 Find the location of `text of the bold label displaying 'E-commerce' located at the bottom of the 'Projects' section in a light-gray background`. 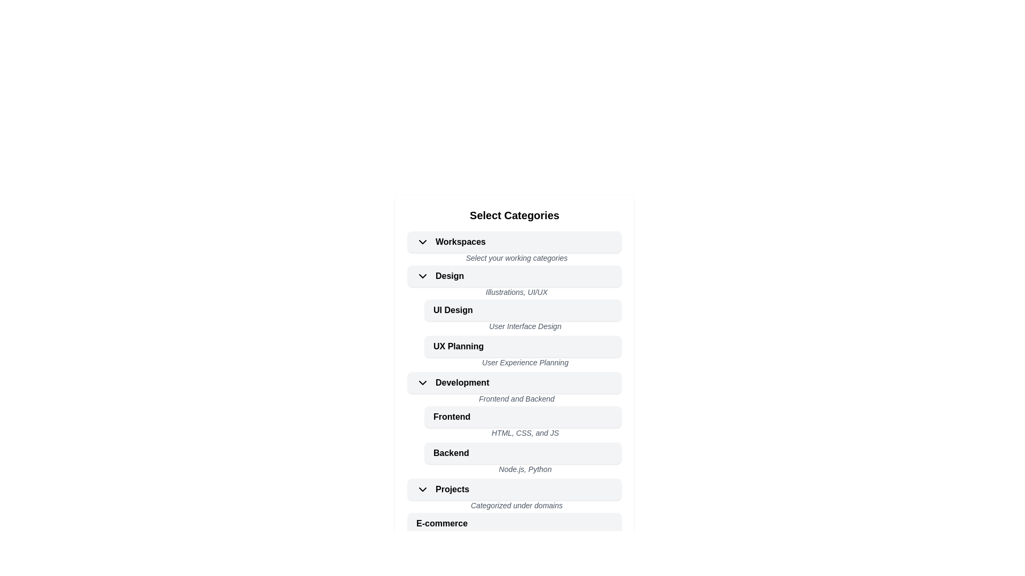

text of the bold label displaying 'E-commerce' located at the bottom of the 'Projects' section in a light-gray background is located at coordinates (442, 523).